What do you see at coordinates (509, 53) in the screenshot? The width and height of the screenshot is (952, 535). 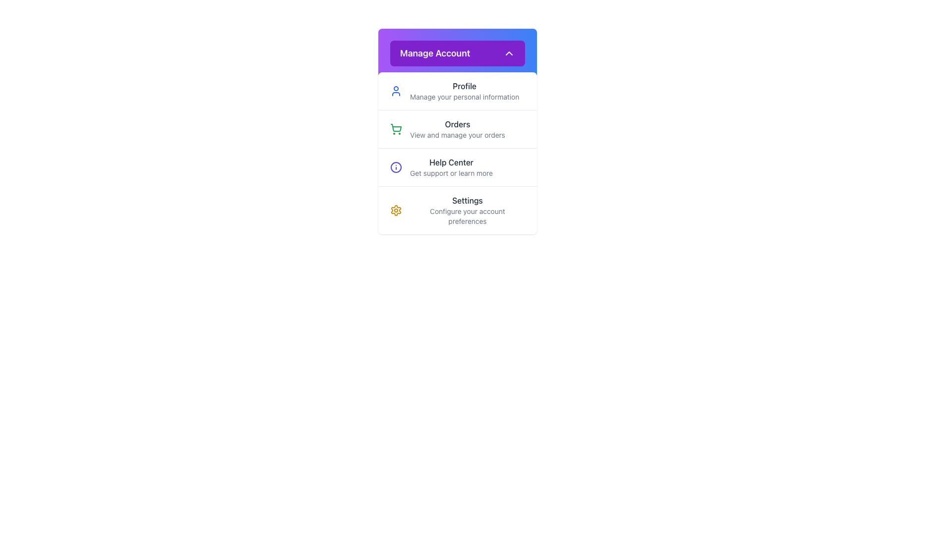 I see `the Chevron-Up icon in the top-right corner of the 'Manage Account' section` at bounding box center [509, 53].